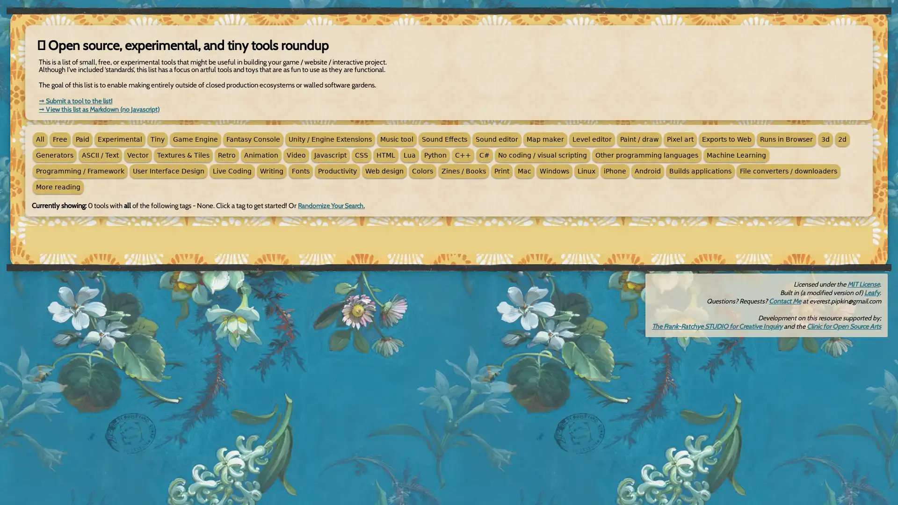 Image resolution: width=898 pixels, height=505 pixels. I want to click on Free, so click(59, 139).